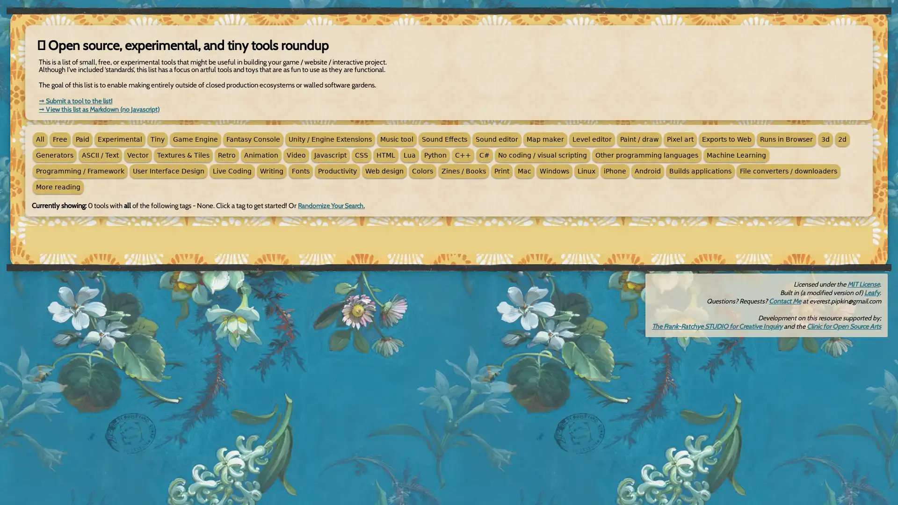 Image resolution: width=898 pixels, height=505 pixels. I want to click on Free, so click(59, 139).